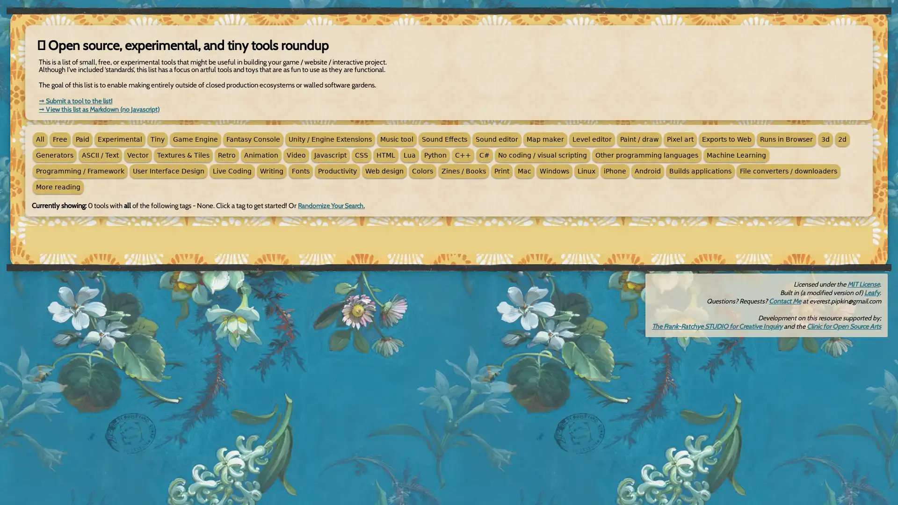 Image resolution: width=898 pixels, height=505 pixels. I want to click on Free, so click(59, 139).